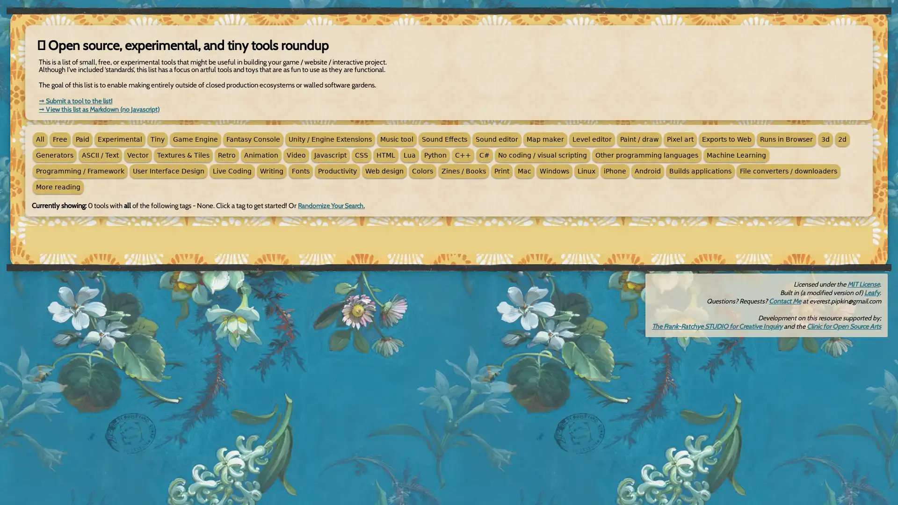 Image resolution: width=898 pixels, height=505 pixels. I want to click on Free, so click(59, 139).